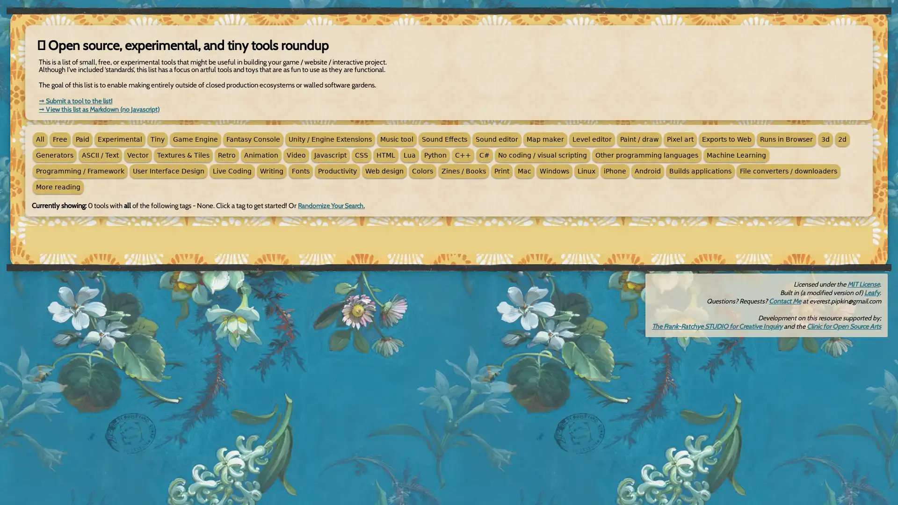 Image resolution: width=898 pixels, height=505 pixels. I want to click on Free, so click(59, 139).